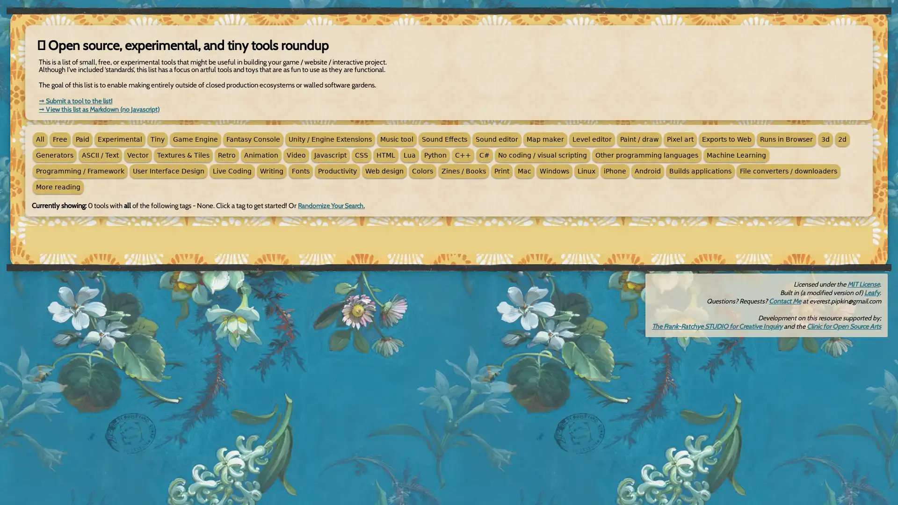 Image resolution: width=898 pixels, height=505 pixels. I want to click on Free, so click(59, 139).